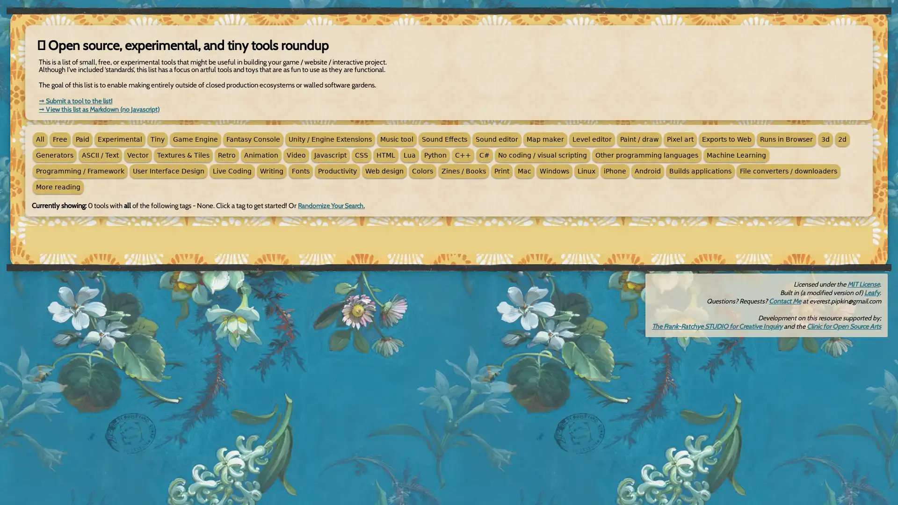 Image resolution: width=898 pixels, height=505 pixels. I want to click on Free, so click(59, 139).